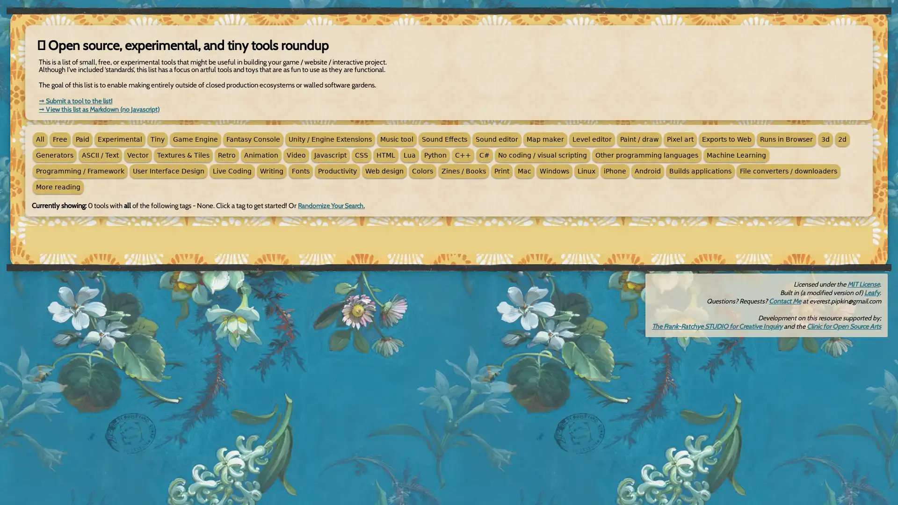 Image resolution: width=898 pixels, height=505 pixels. I want to click on Free, so click(59, 139).